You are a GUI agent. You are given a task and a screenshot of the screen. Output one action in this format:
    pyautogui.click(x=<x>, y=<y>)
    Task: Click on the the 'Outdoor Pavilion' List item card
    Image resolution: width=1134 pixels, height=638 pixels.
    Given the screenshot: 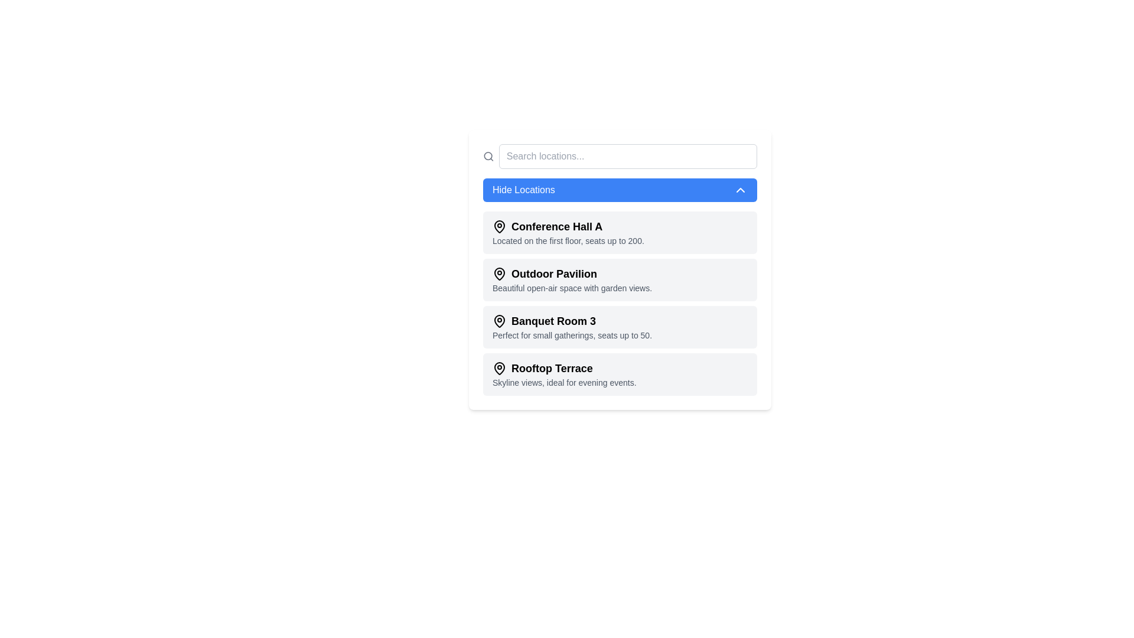 What is the action you would take?
    pyautogui.click(x=620, y=280)
    